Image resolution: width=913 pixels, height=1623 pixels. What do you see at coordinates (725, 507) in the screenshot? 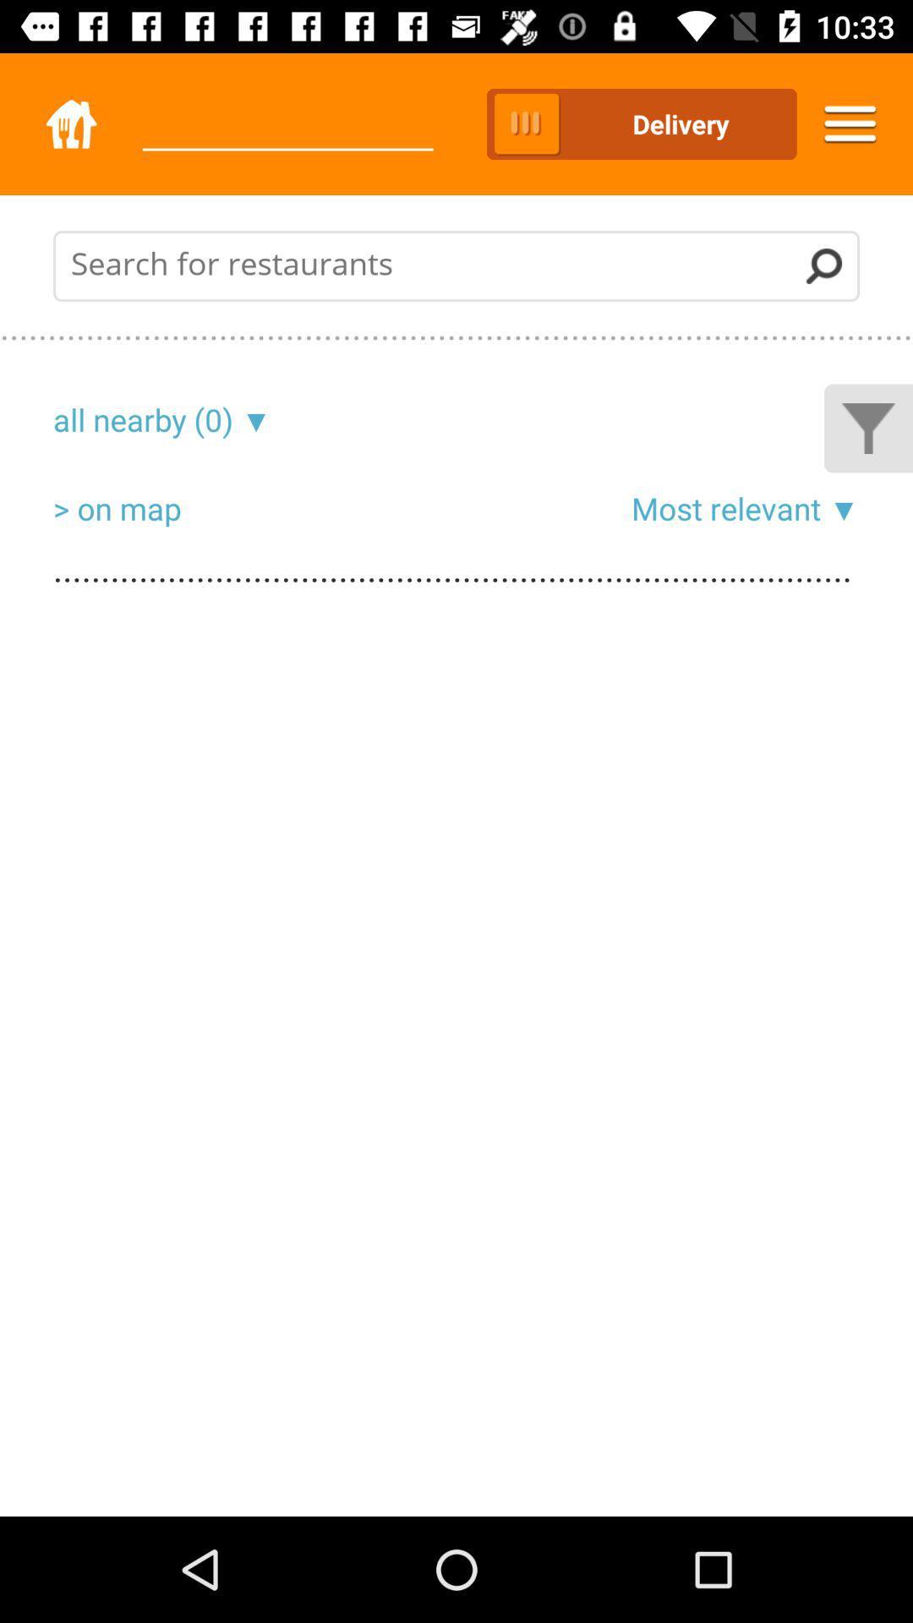
I see `item to the right of the > on map icon` at bounding box center [725, 507].